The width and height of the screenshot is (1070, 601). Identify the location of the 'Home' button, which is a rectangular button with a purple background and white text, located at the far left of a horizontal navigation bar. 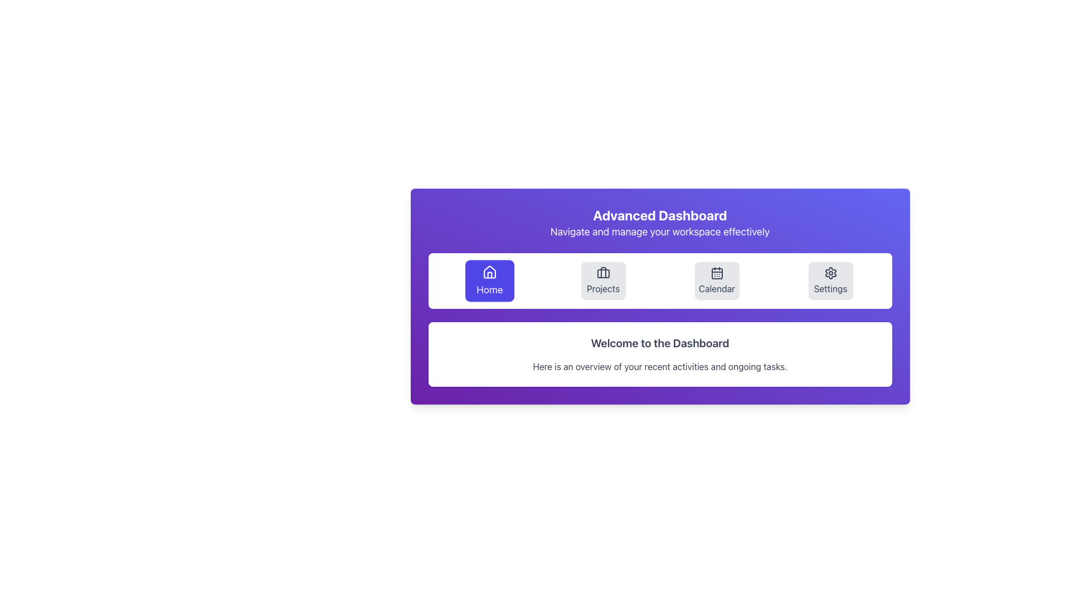
(489, 280).